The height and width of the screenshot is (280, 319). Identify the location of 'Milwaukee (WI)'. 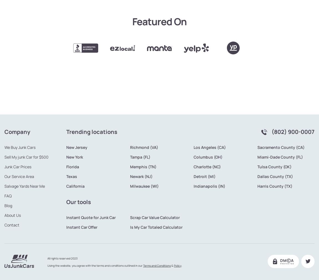
(144, 167).